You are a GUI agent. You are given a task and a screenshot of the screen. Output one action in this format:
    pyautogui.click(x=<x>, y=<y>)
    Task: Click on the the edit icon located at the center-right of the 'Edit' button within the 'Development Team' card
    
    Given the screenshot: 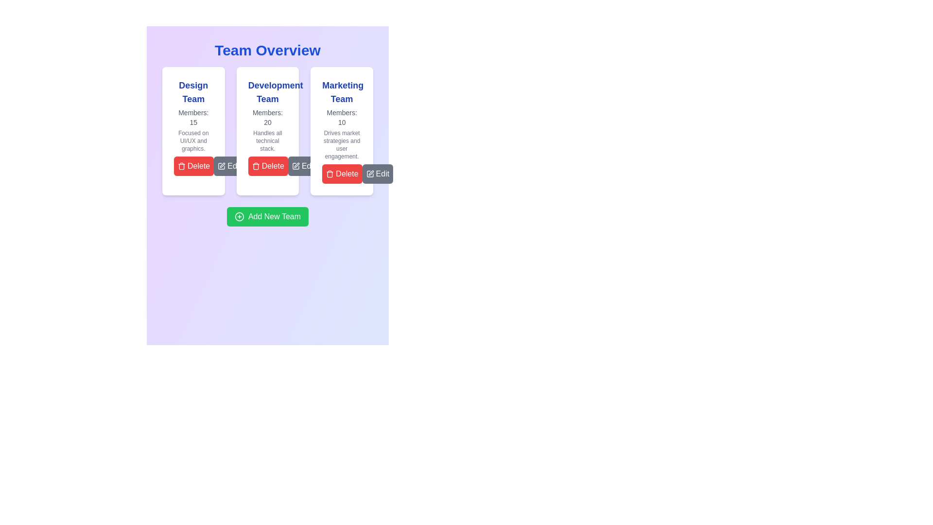 What is the action you would take?
    pyautogui.click(x=296, y=164)
    